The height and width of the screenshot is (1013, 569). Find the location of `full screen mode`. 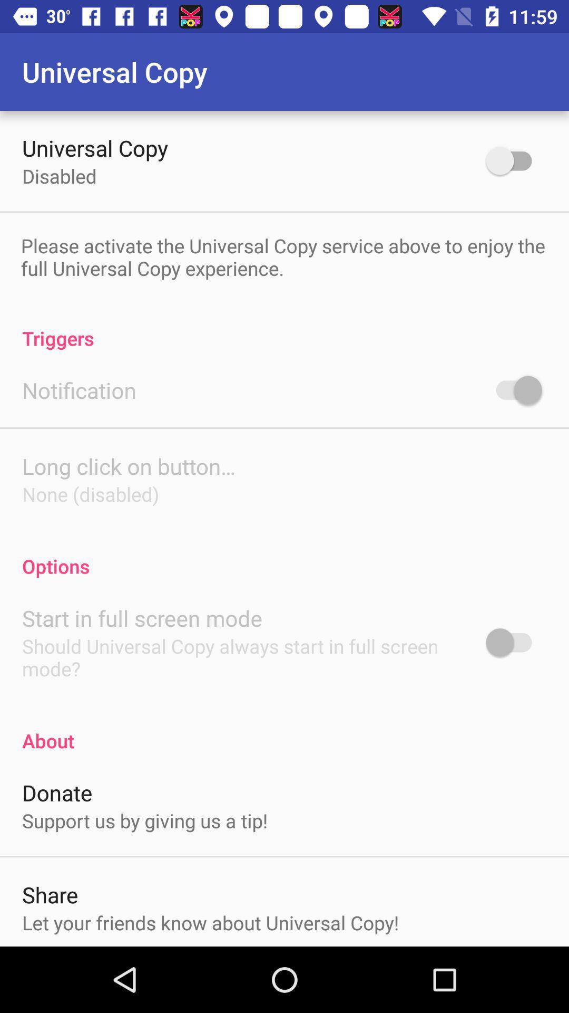

full screen mode is located at coordinates (513, 642).